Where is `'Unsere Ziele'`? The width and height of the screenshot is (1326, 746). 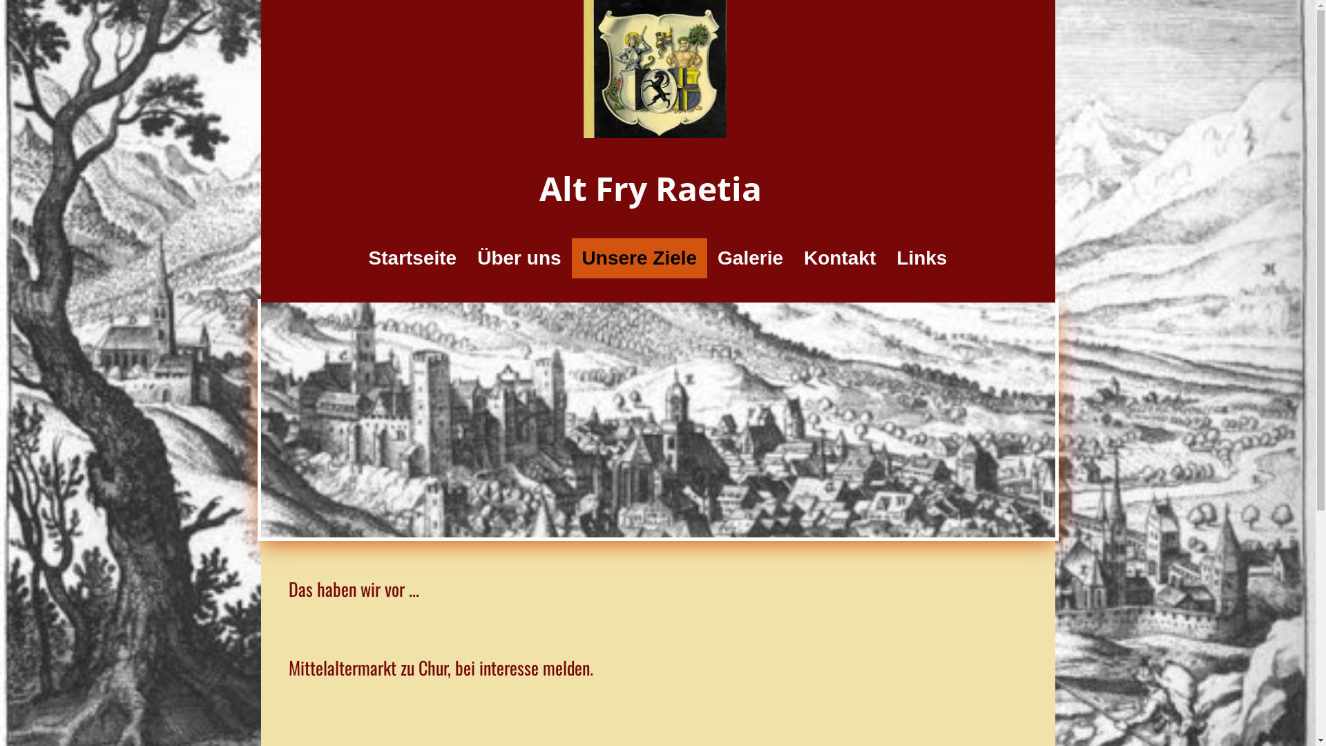
'Unsere Ziele' is located at coordinates (639, 258).